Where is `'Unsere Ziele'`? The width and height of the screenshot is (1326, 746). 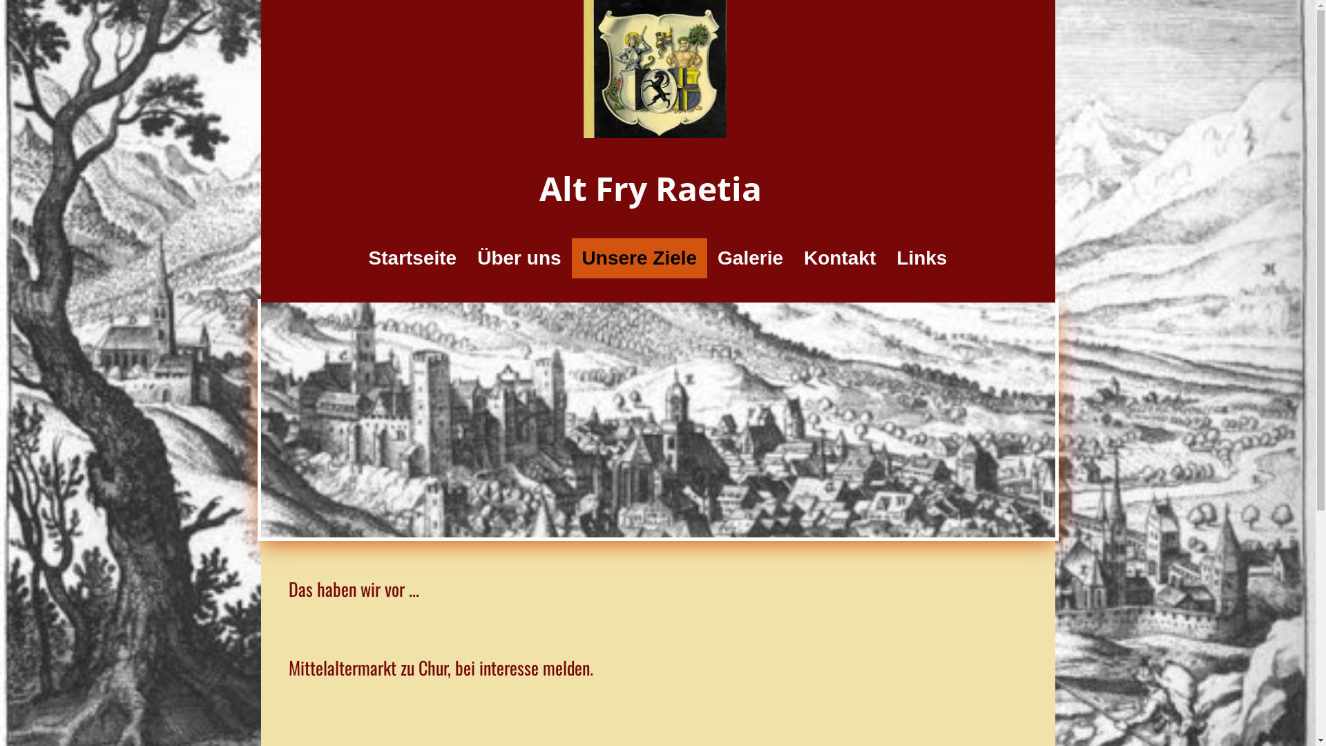
'Unsere Ziele' is located at coordinates (639, 258).